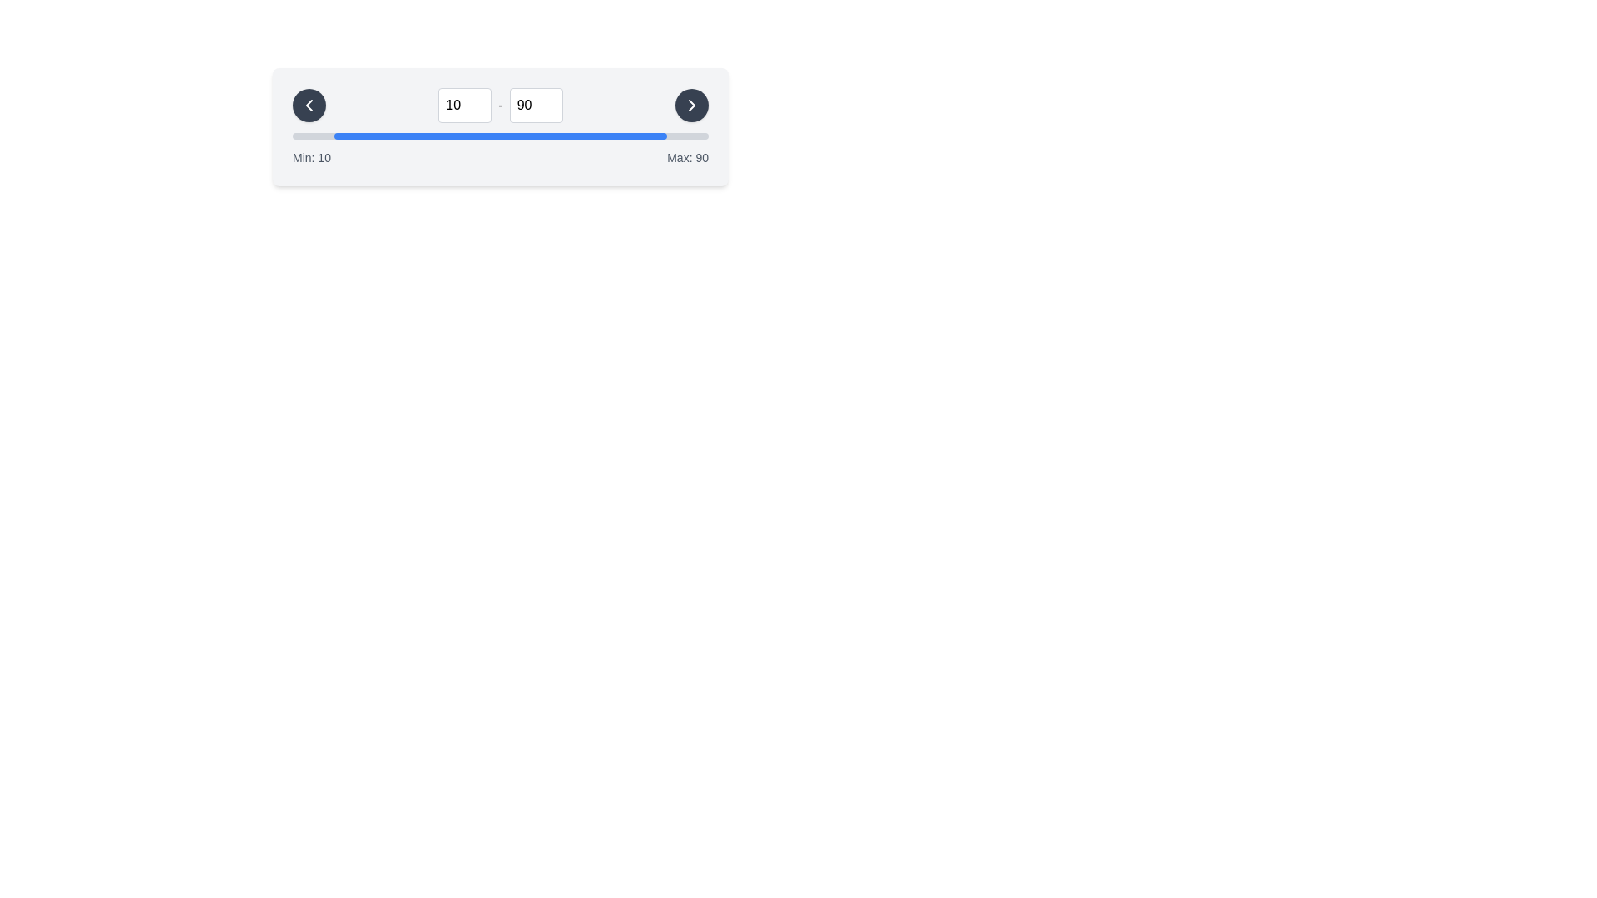 The width and height of the screenshot is (1597, 898). What do you see at coordinates (499, 157) in the screenshot?
I see `the text label displaying 'Min: 10' and 'Max: 90' located beneath the slider bar at the bottom of the component` at bounding box center [499, 157].